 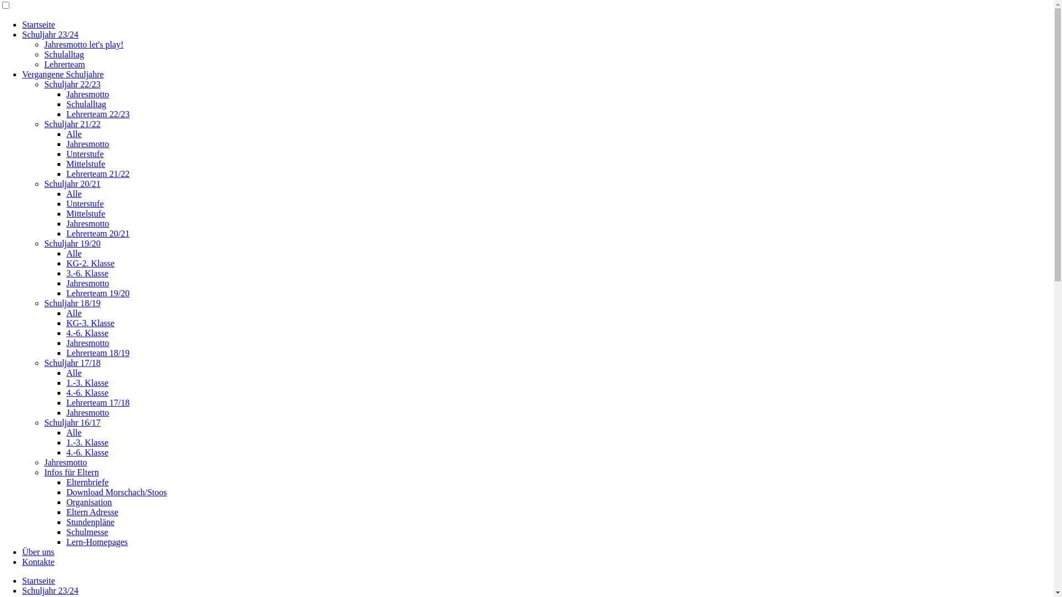 I want to click on 'Jahresmotto', so click(x=87, y=342).